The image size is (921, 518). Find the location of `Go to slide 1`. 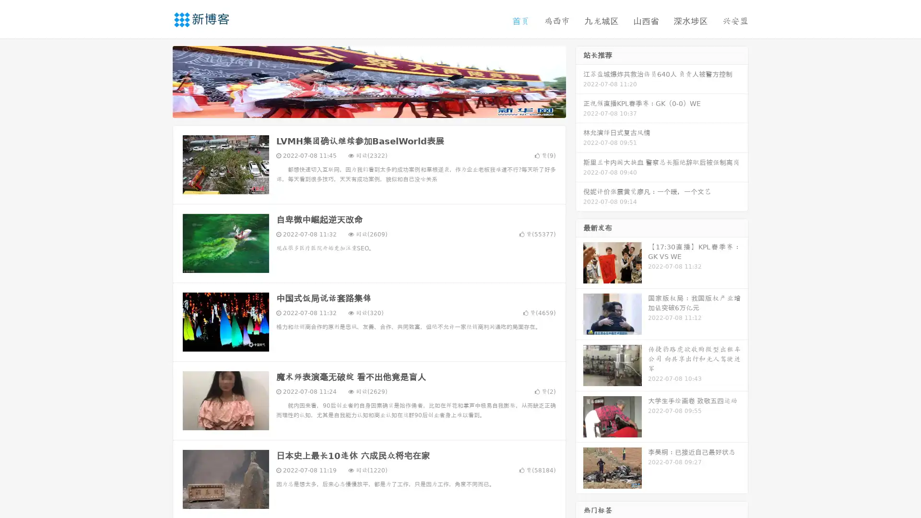

Go to slide 1 is located at coordinates (359, 108).